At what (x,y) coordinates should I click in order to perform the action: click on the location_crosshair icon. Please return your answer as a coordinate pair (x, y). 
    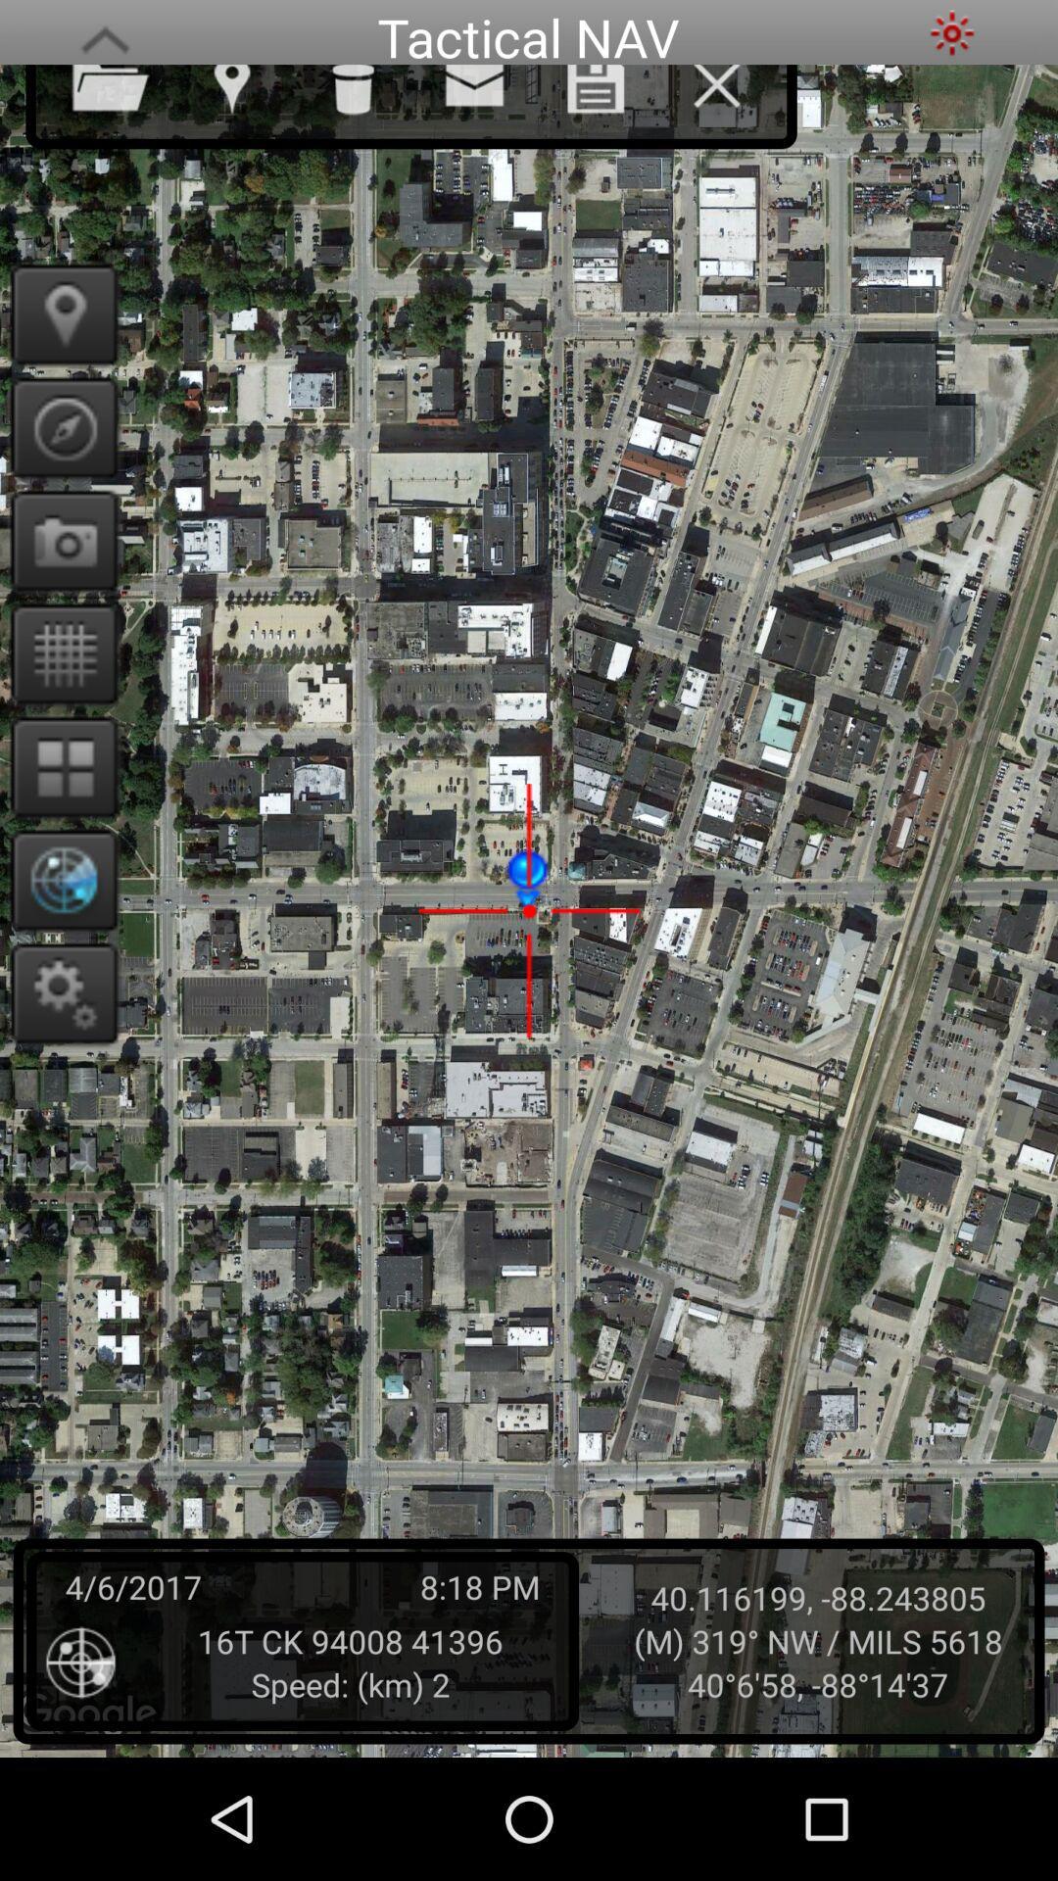
    Looking at the image, I should click on (79, 1779).